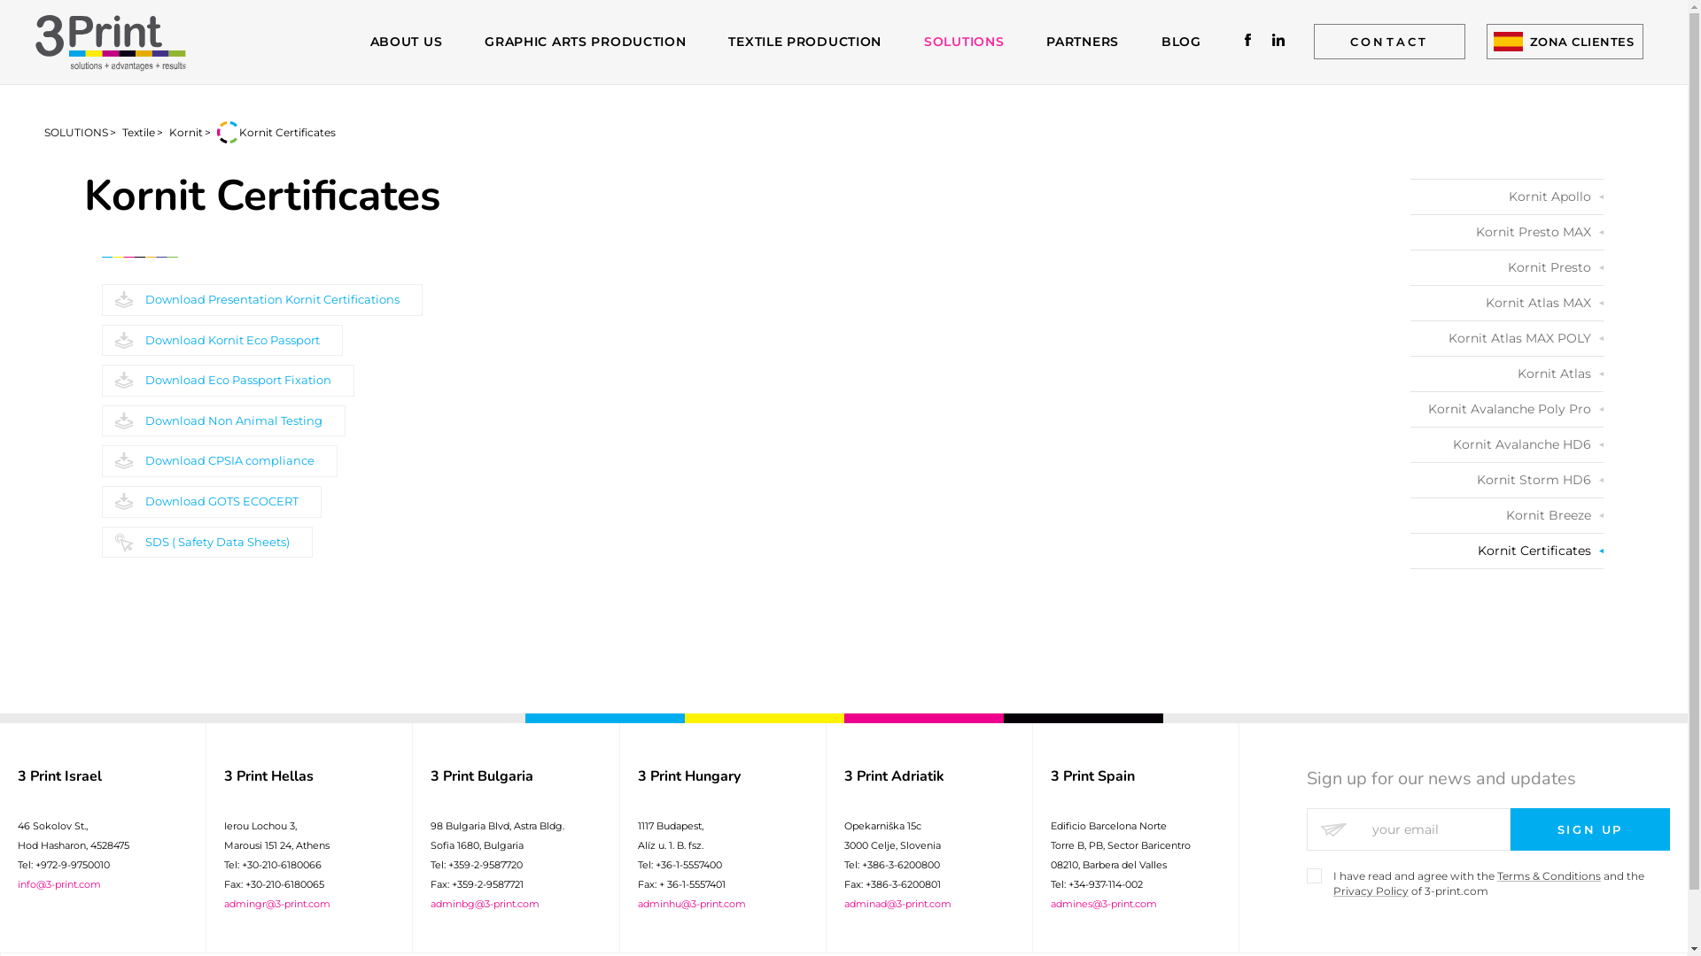 The image size is (1701, 956). I want to click on 'SIGN UP', so click(1590, 829).